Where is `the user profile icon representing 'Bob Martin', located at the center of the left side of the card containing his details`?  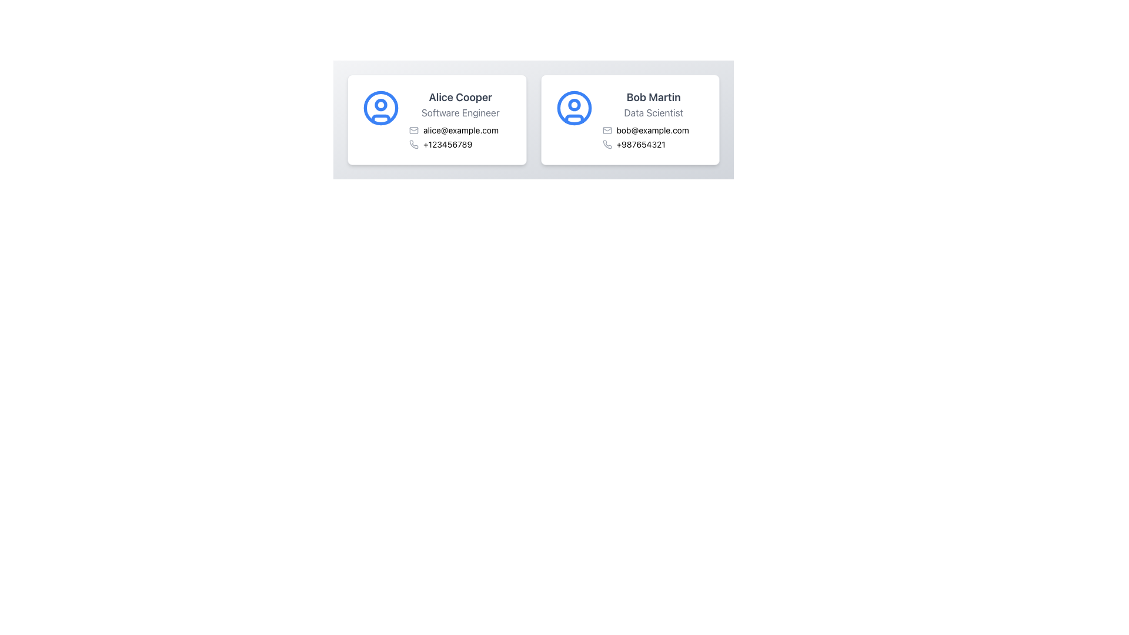 the user profile icon representing 'Bob Martin', located at the center of the left side of the card containing his details is located at coordinates (574, 108).